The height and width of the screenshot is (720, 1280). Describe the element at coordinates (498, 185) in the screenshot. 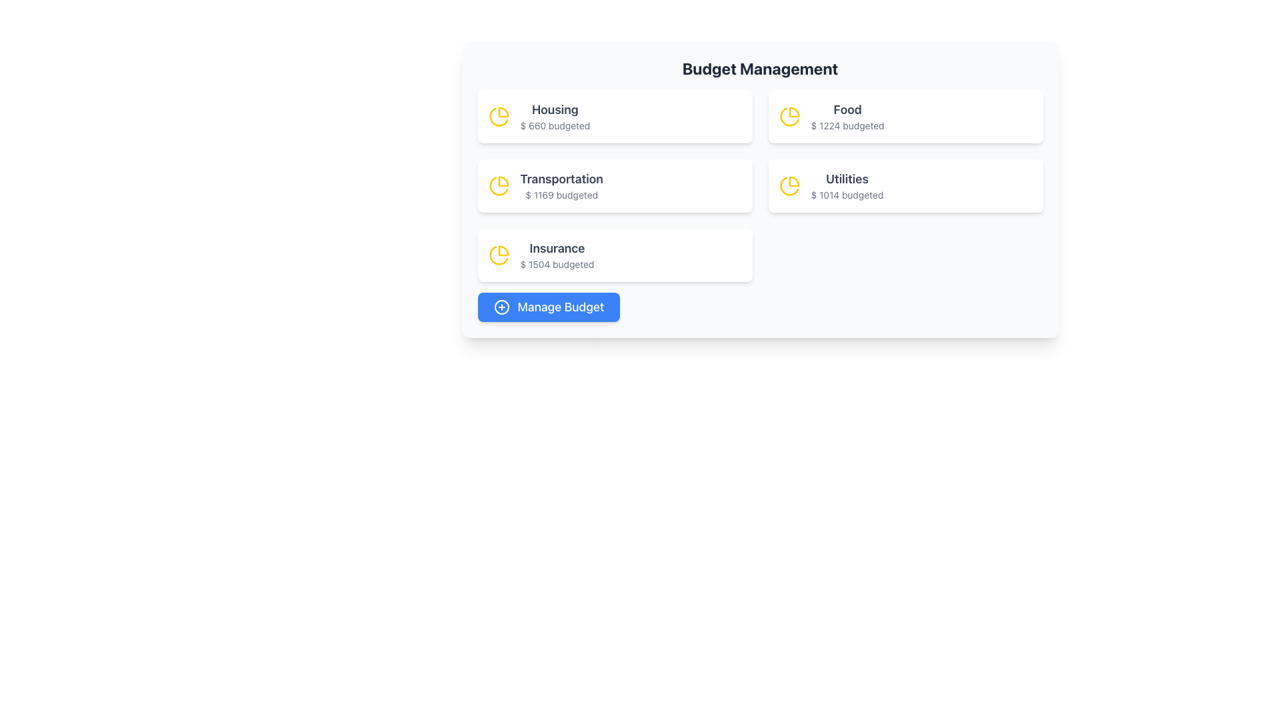

I see `the icon representing 'Transportation' located to the left of the 'Transportation' text and above the '$ 1169 budgeted' text in the second row of the cards layout` at that location.